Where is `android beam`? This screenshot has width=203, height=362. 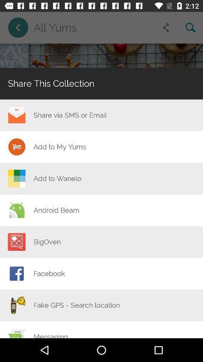 android beam is located at coordinates (56, 210).